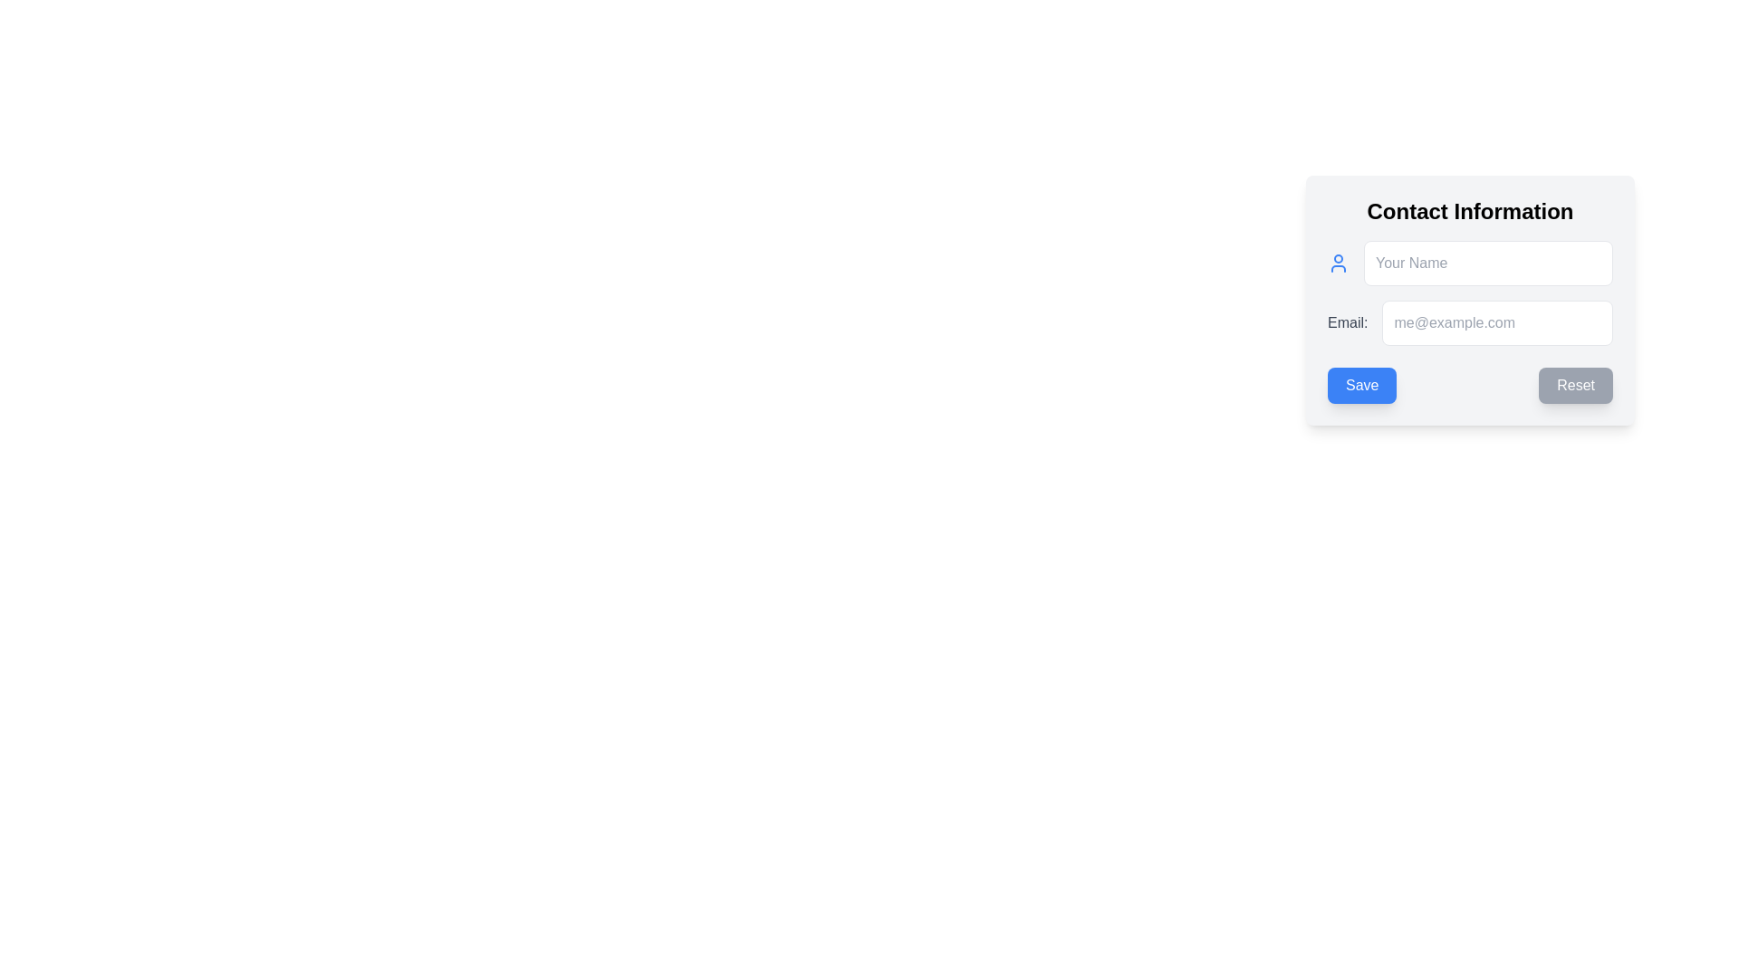 Image resolution: width=1739 pixels, height=978 pixels. What do you see at coordinates (1339, 263) in the screenshot?
I see `the icon that visually associates with the 'Your Name' input field in the 'Contact Information' card` at bounding box center [1339, 263].